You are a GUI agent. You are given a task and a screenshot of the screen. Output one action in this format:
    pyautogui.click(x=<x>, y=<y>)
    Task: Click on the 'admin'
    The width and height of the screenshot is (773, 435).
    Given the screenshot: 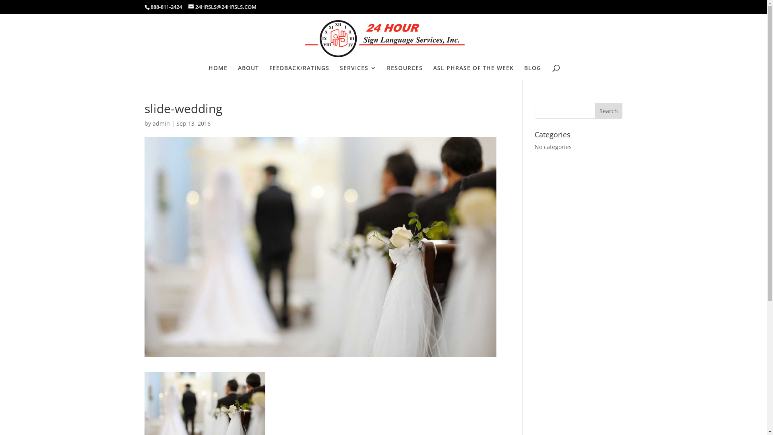 What is the action you would take?
    pyautogui.click(x=153, y=123)
    